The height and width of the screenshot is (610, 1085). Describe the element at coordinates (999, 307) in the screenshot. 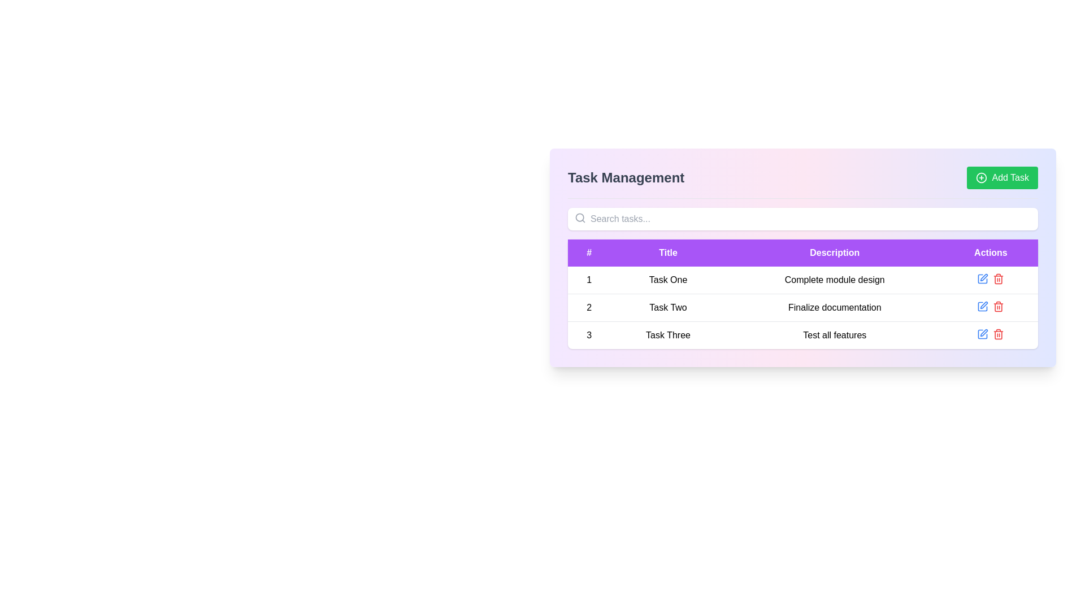

I see `the side panel of the trash can icon in the 'Actions' column of the third row in the table` at that location.